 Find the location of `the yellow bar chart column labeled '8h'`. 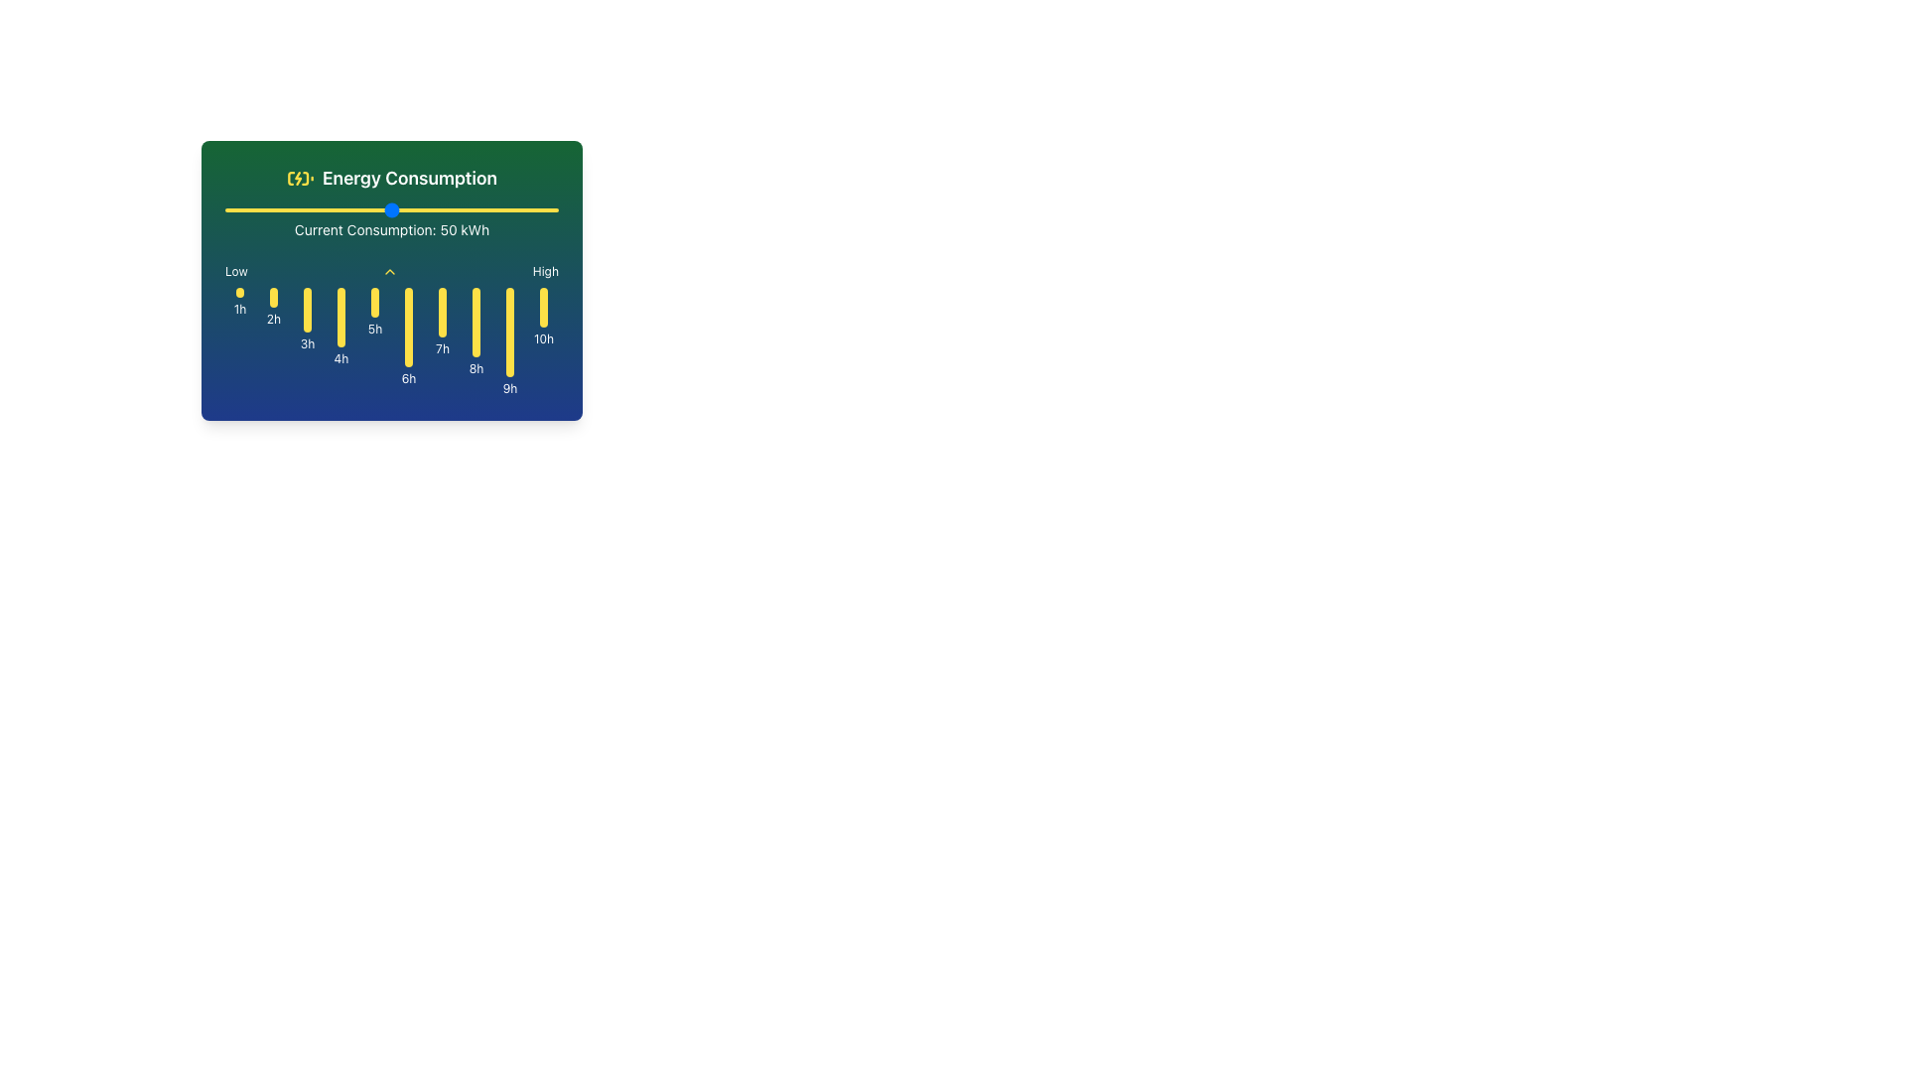

the yellow bar chart column labeled '8h' is located at coordinates (476, 340).